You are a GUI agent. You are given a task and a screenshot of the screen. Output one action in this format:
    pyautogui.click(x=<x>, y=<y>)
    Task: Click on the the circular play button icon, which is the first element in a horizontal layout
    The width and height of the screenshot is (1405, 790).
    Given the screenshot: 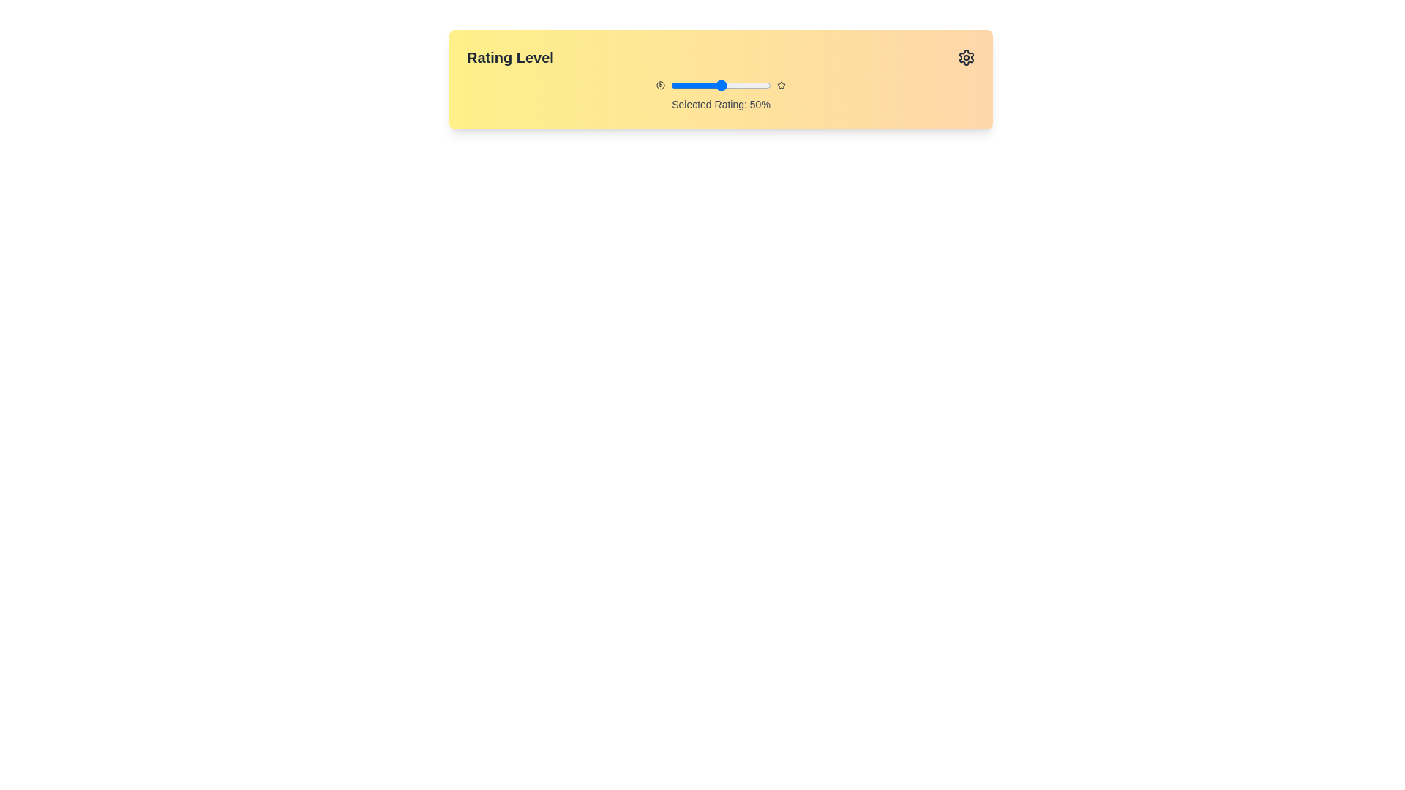 What is the action you would take?
    pyautogui.click(x=660, y=85)
    